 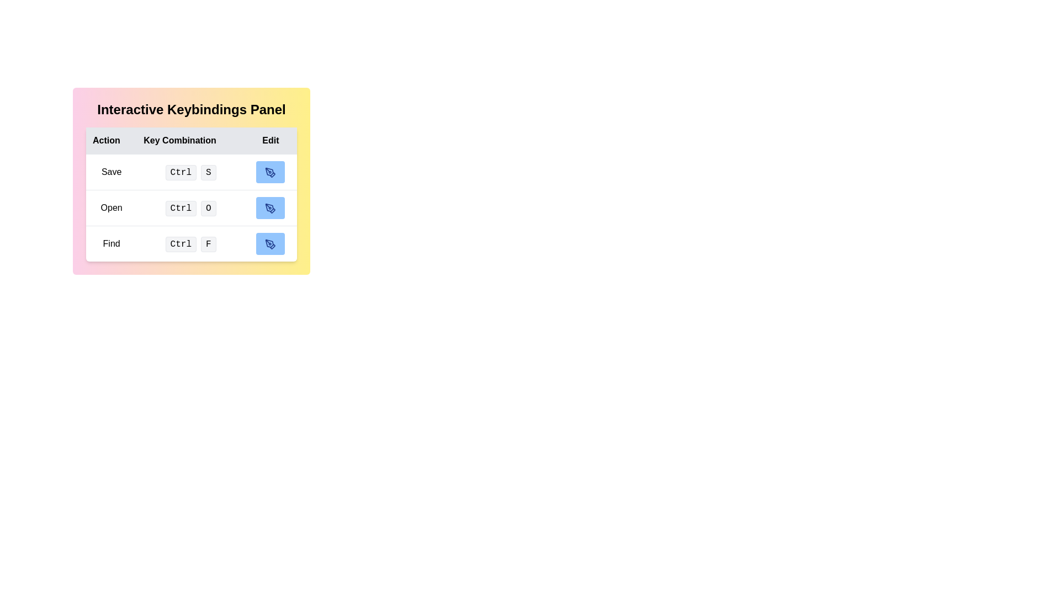 I want to click on the text label reading 'Open' in the keybindings panel, which is aligned with 'Ctrl O' and positioned between 'Save' and 'Find', so click(x=112, y=208).